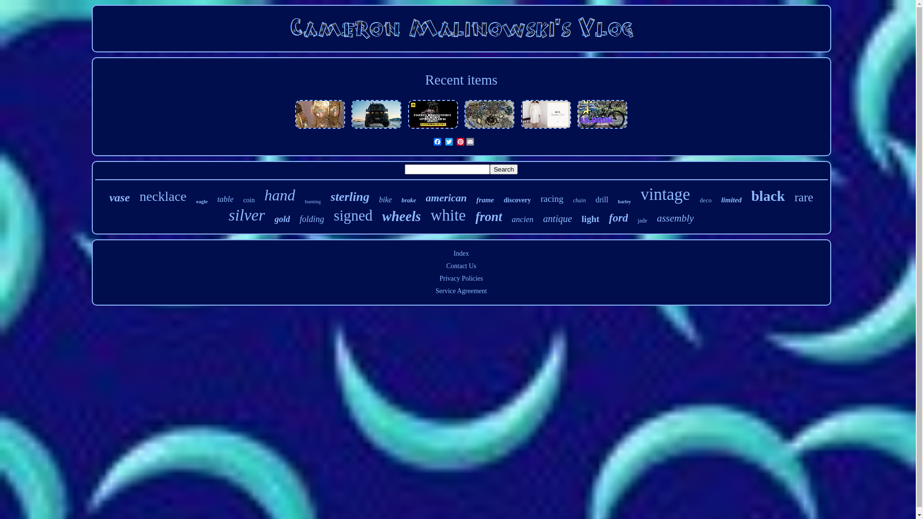 The width and height of the screenshot is (923, 519). Describe the element at coordinates (279, 195) in the screenshot. I see `'hand'` at that location.